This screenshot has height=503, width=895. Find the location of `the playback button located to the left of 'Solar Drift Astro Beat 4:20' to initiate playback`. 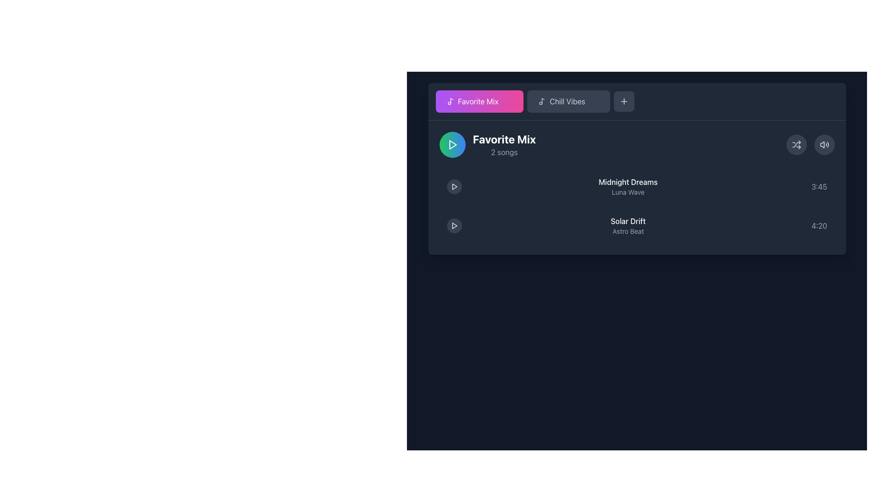

the playback button located to the left of 'Solar Drift Astro Beat 4:20' to initiate playback is located at coordinates (454, 226).